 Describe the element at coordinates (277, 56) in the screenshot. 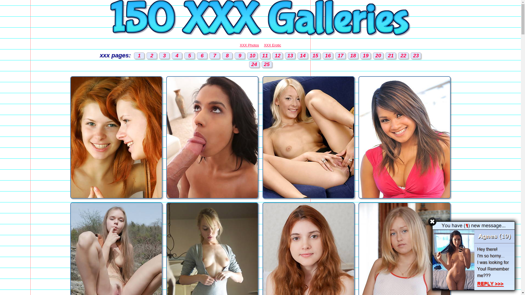

I see `'12'` at that location.